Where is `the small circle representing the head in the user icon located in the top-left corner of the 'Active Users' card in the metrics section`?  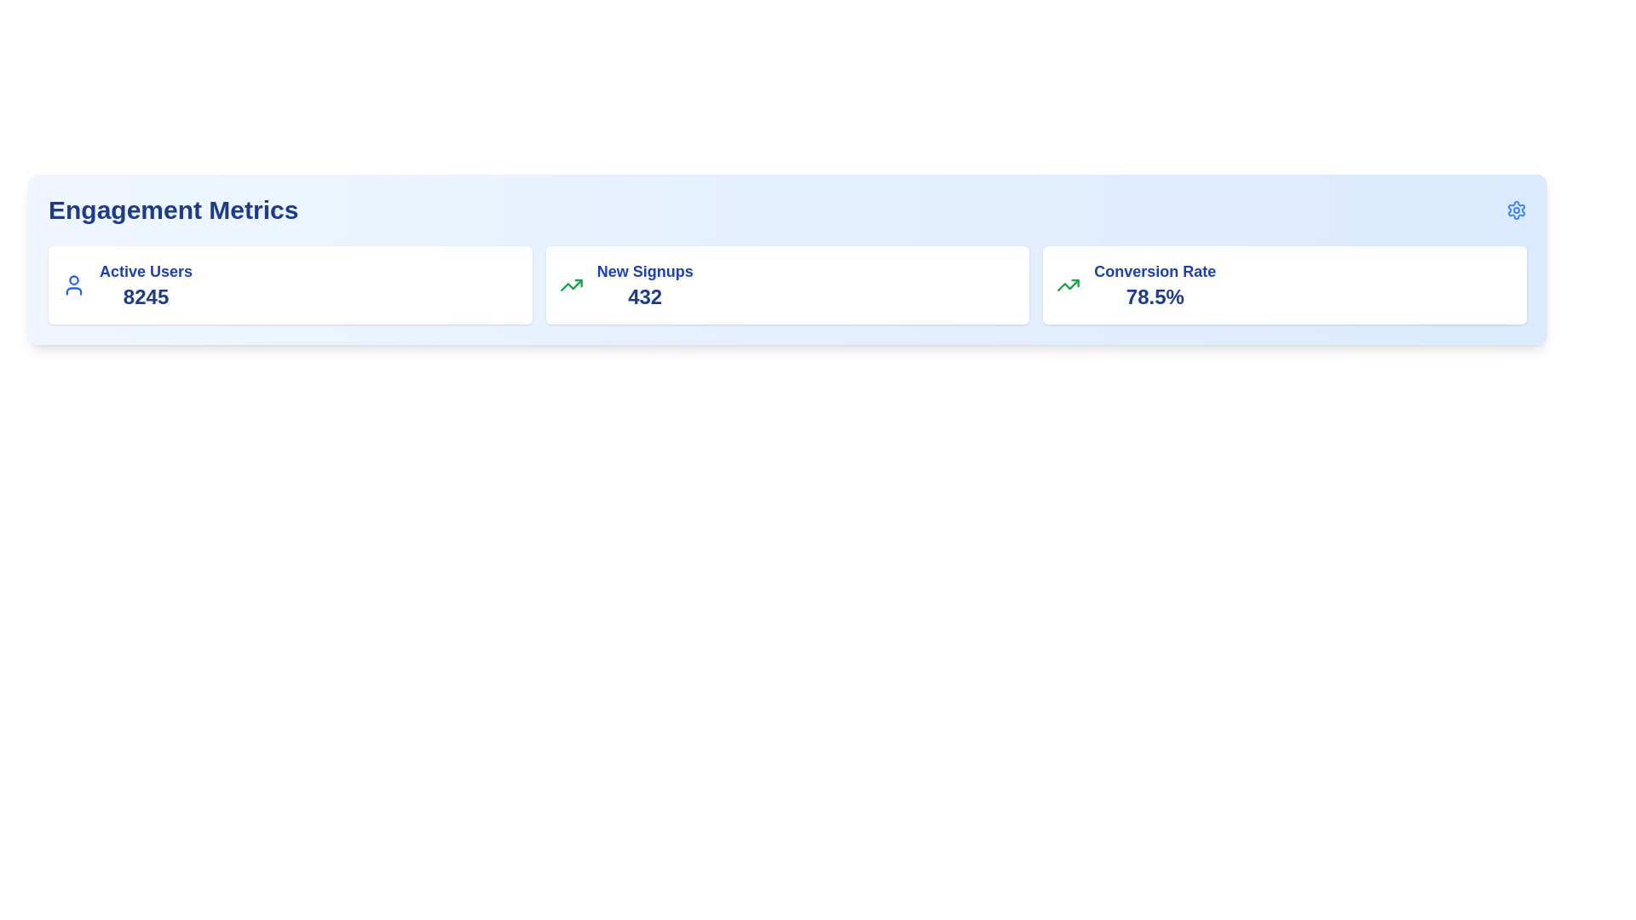 the small circle representing the head in the user icon located in the top-left corner of the 'Active Users' card in the metrics section is located at coordinates (72, 279).